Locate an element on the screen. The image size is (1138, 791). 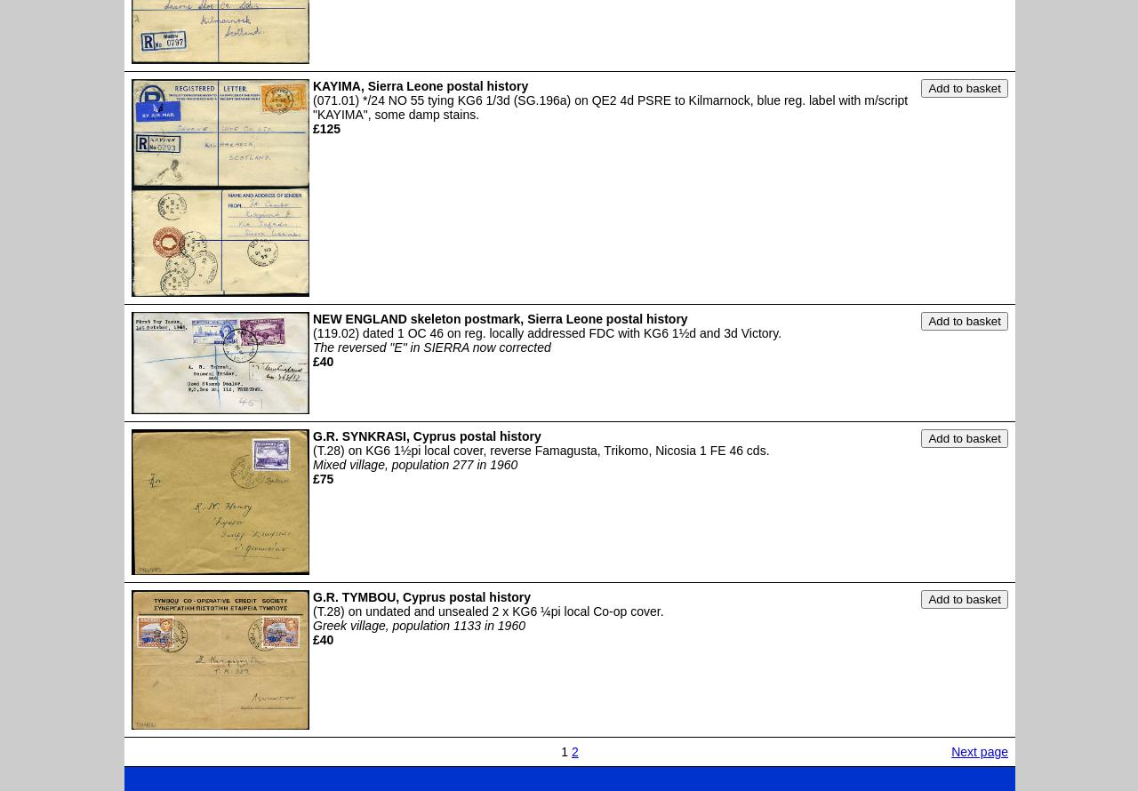
'NEW ENGLAND skeleton postmark, Sierra Leone postal history' is located at coordinates (499, 319).